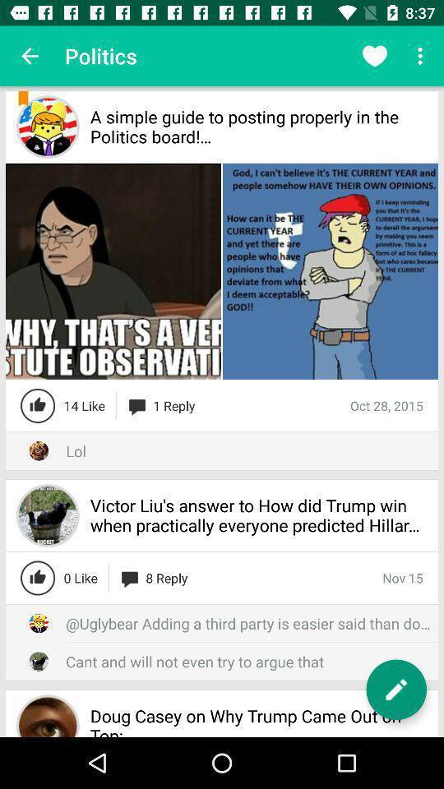  Describe the element at coordinates (395, 690) in the screenshot. I see `edit button which is at bottom right corner of the page` at that location.